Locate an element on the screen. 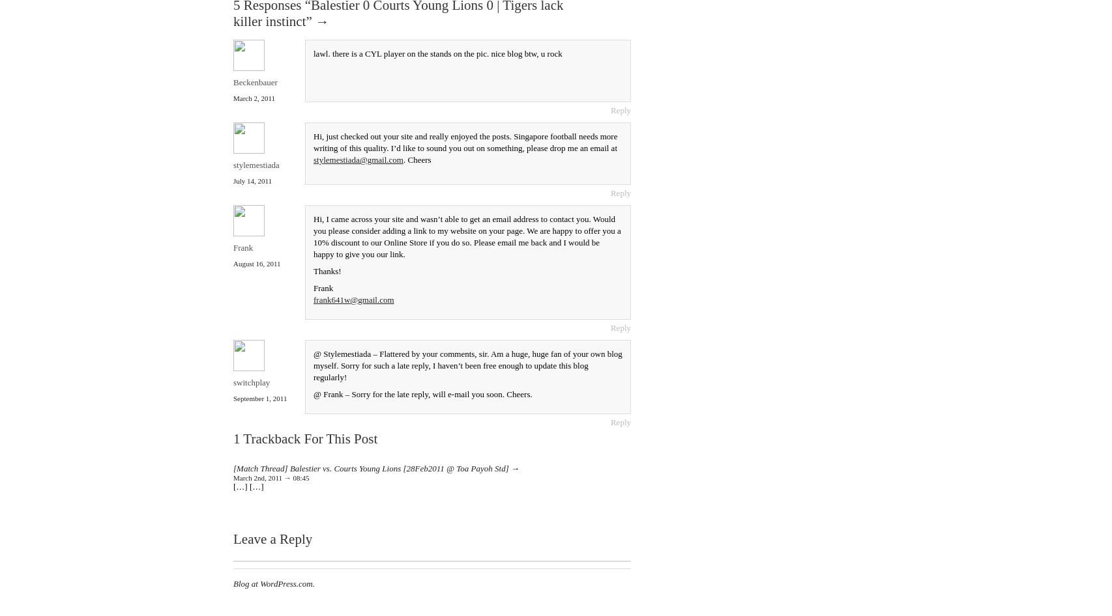  '@ Frank – Sorry for the late reply, will e-mail you soon. Cheers.' is located at coordinates (312, 393).